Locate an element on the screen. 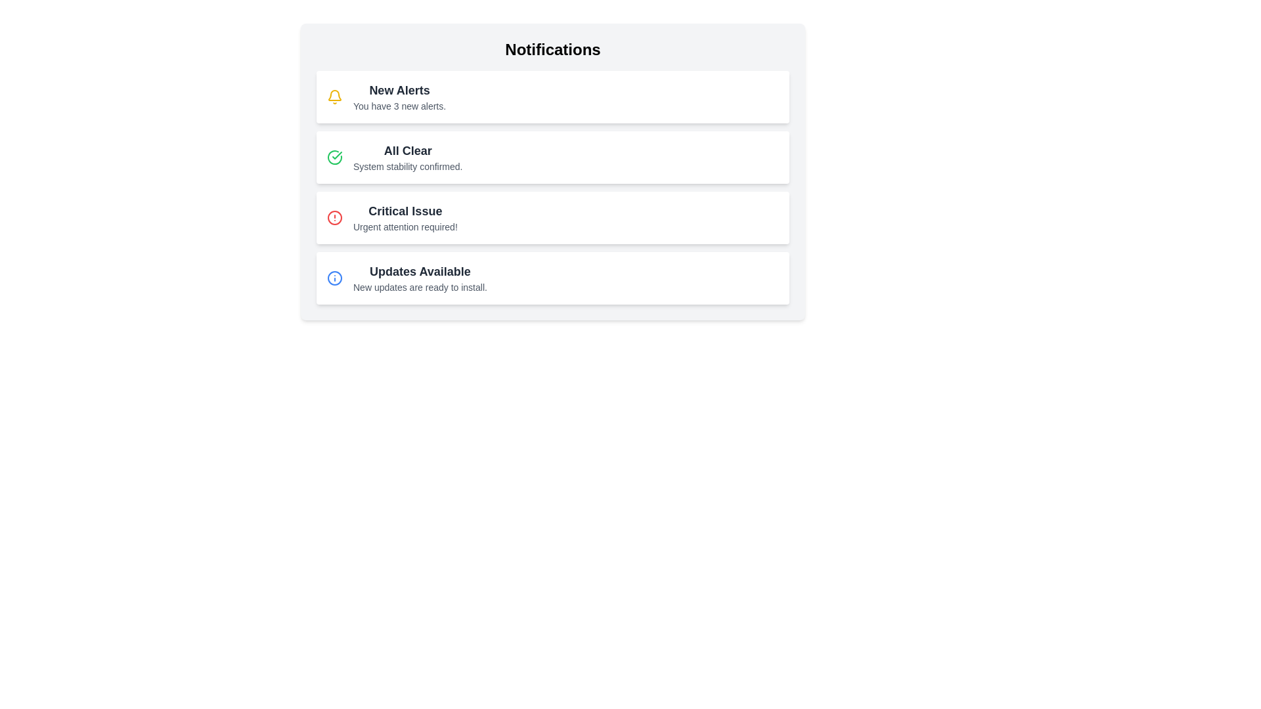 This screenshot has height=709, width=1261. the notification message located in the second row of the notification list, which indicates that the system is stable and there are no issues is located at coordinates (407, 156).